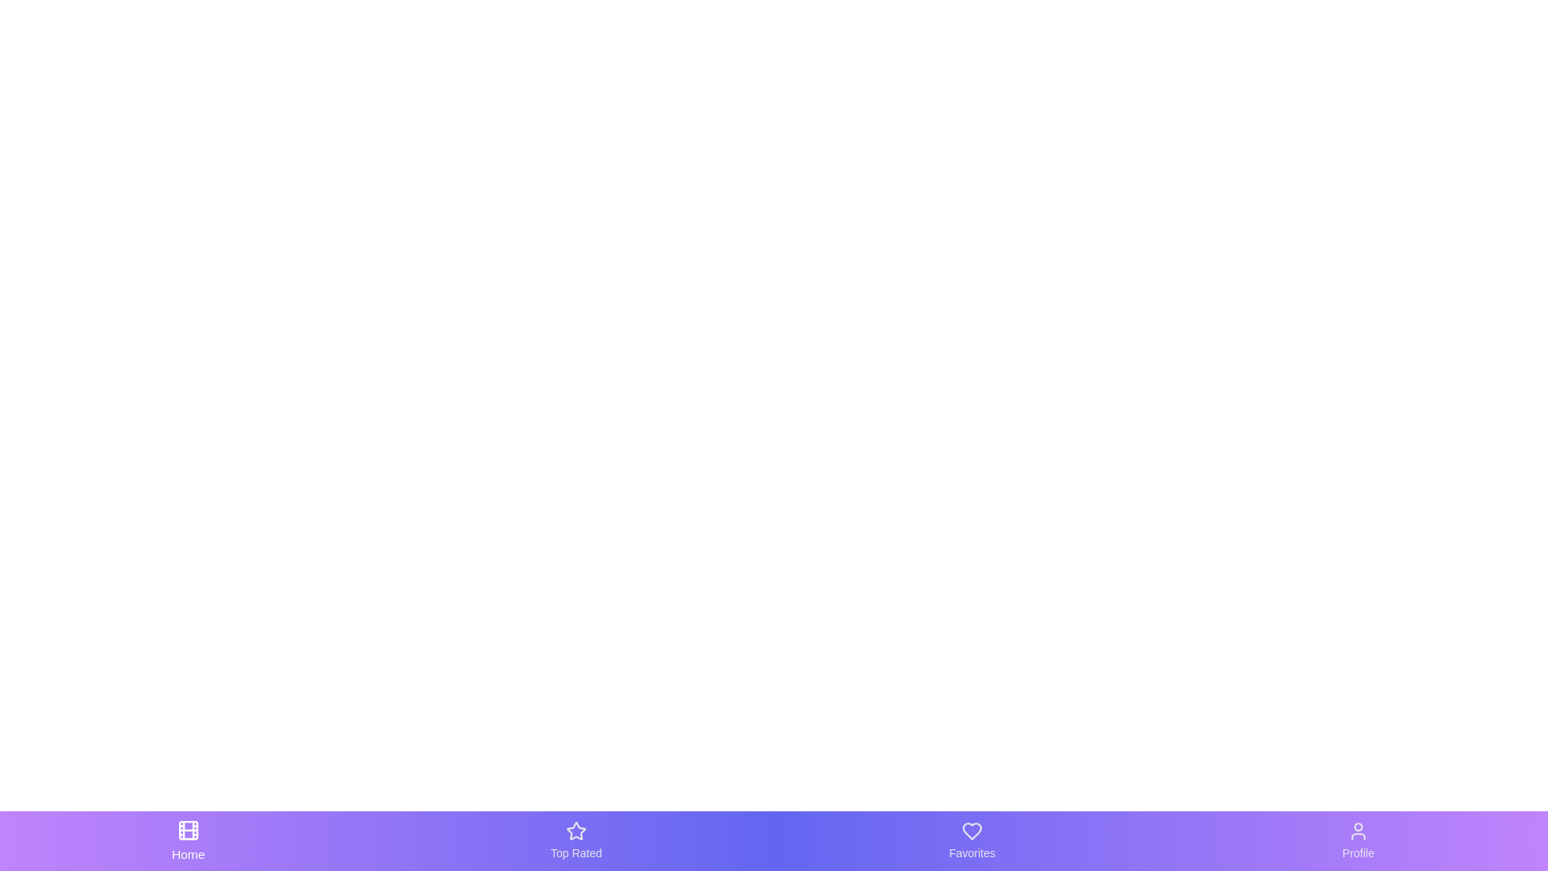 The width and height of the screenshot is (1548, 871). Describe the element at coordinates (576, 840) in the screenshot. I see `the tab labeled Top Rated in the bottom navigation bar` at that location.